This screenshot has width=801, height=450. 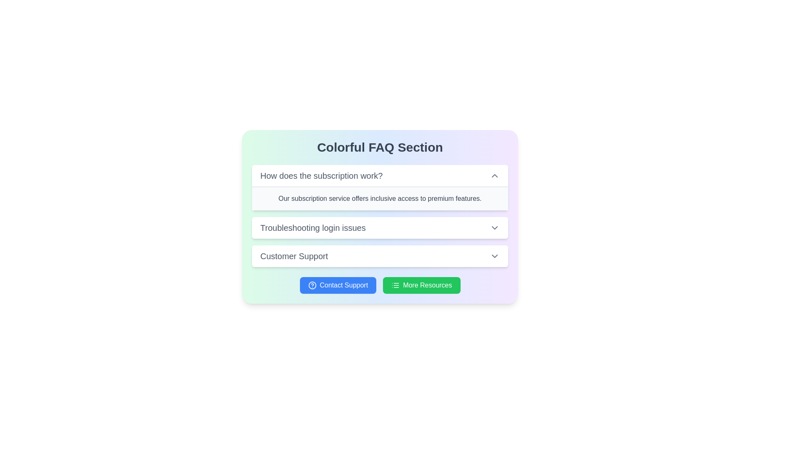 What do you see at coordinates (312, 228) in the screenshot?
I see `the label text 'Troubleshooting login issues' which is located in the second collapsible section of the FAQ, displayed in bold gray font against a white background` at bounding box center [312, 228].